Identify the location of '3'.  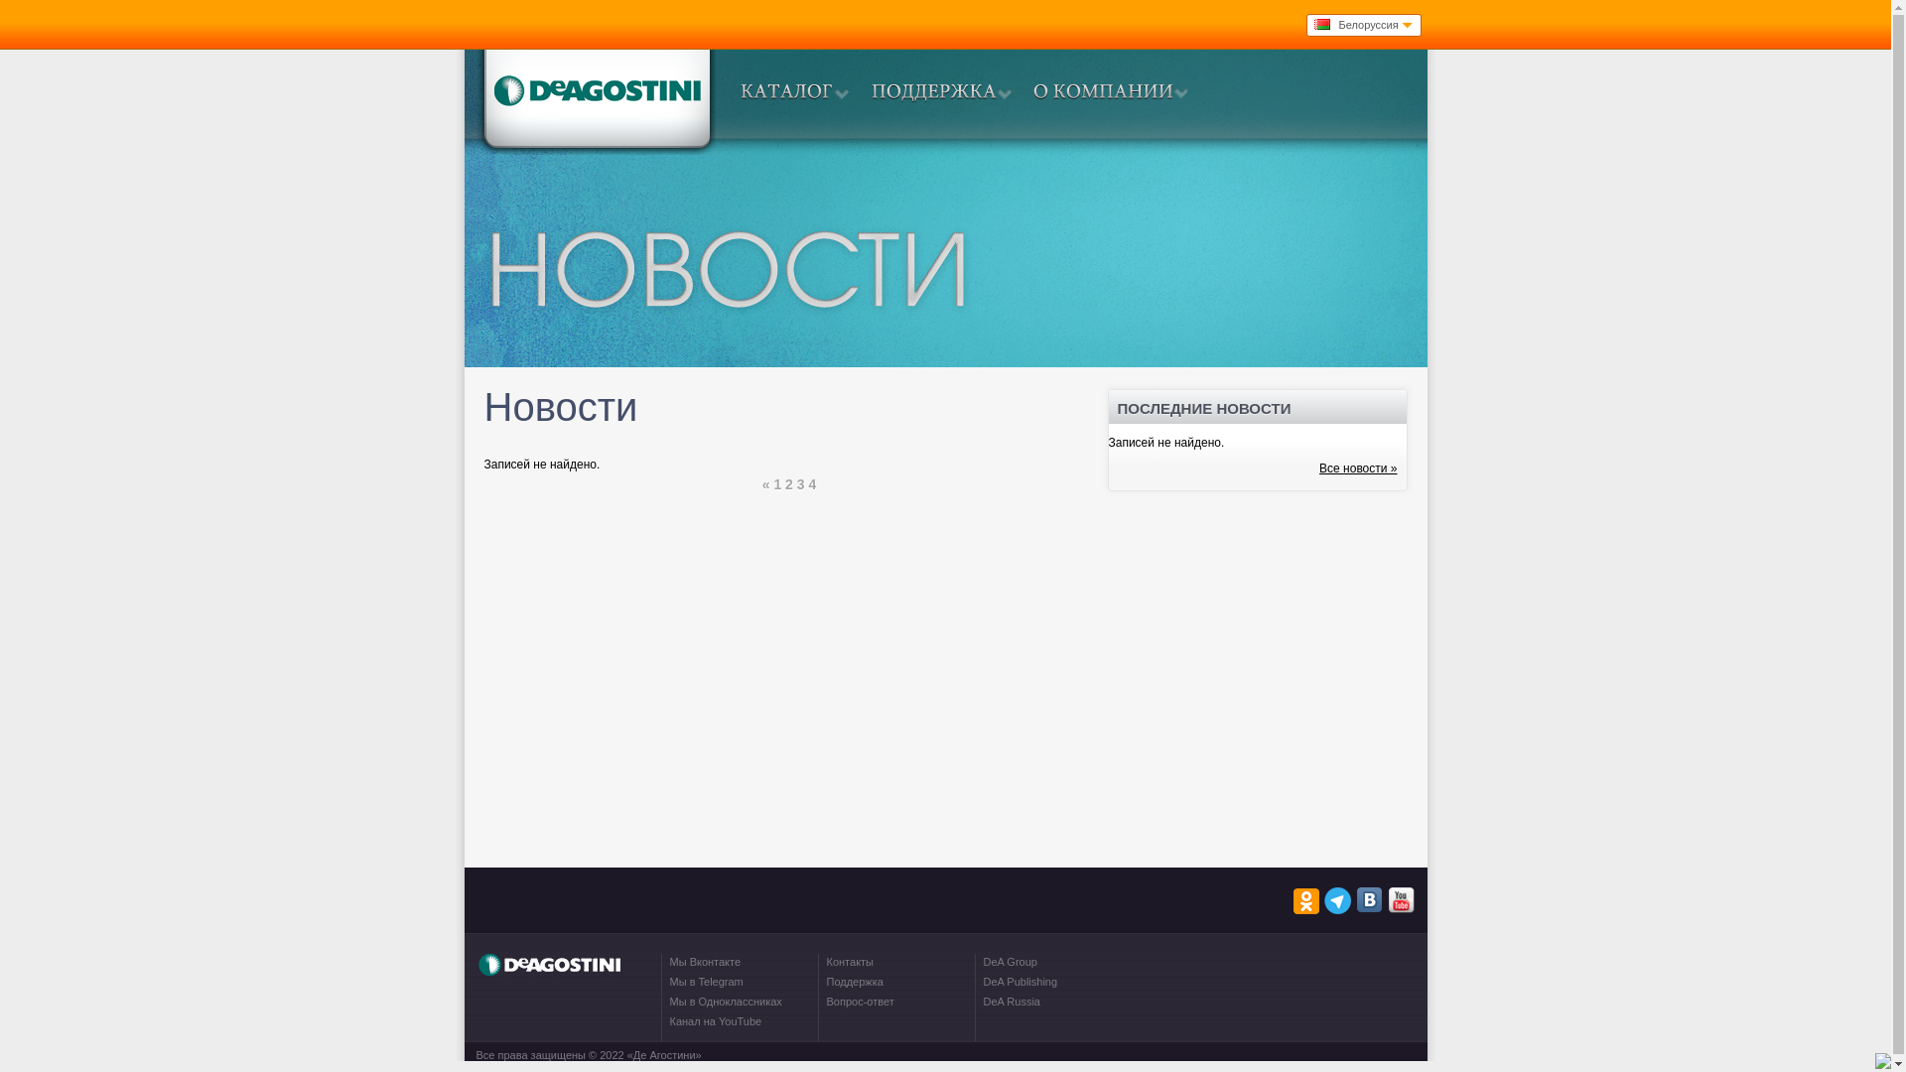
(803, 484).